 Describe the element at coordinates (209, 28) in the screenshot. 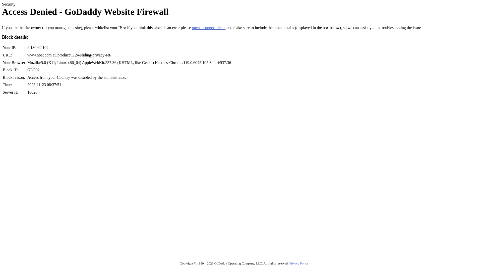

I see `'open a support ticket'` at that location.